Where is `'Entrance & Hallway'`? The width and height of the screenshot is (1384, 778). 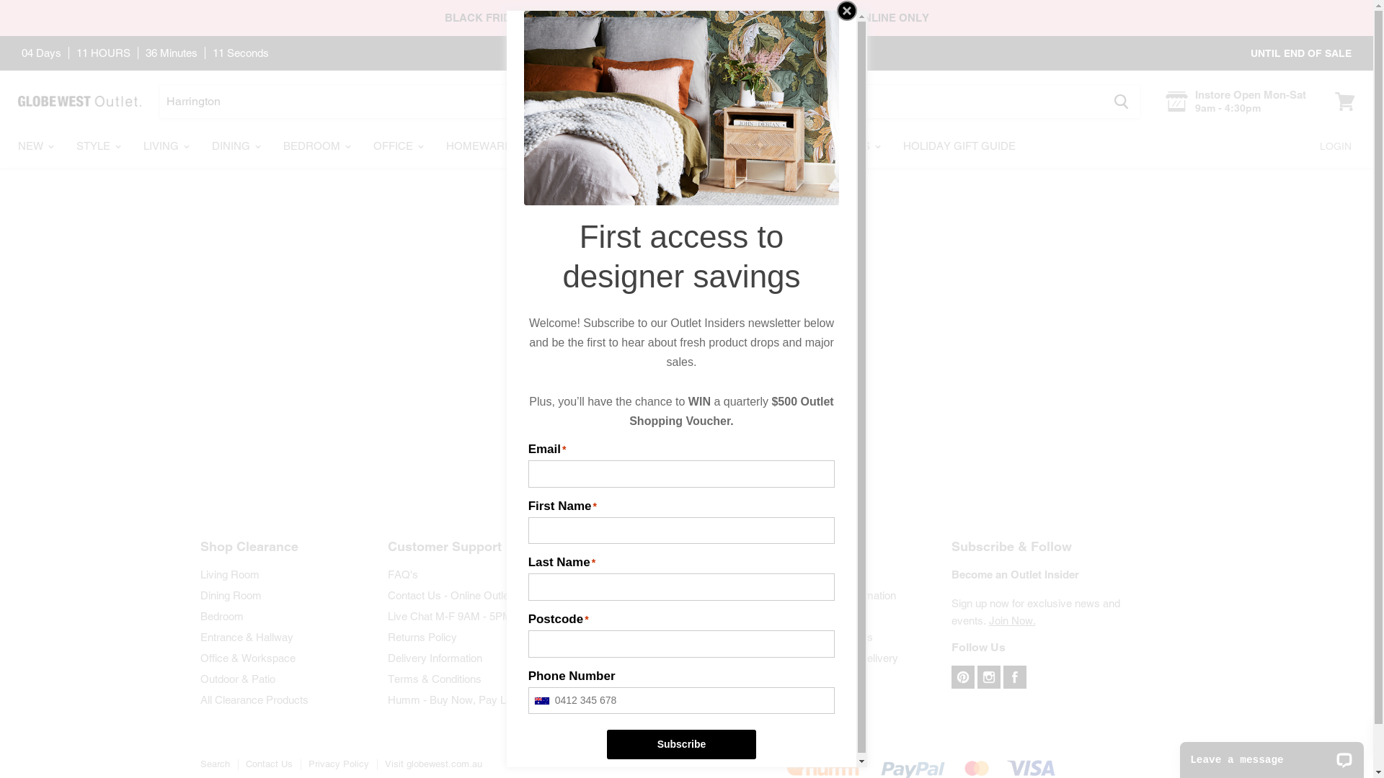
'Entrance & Hallway' is located at coordinates (200, 636).